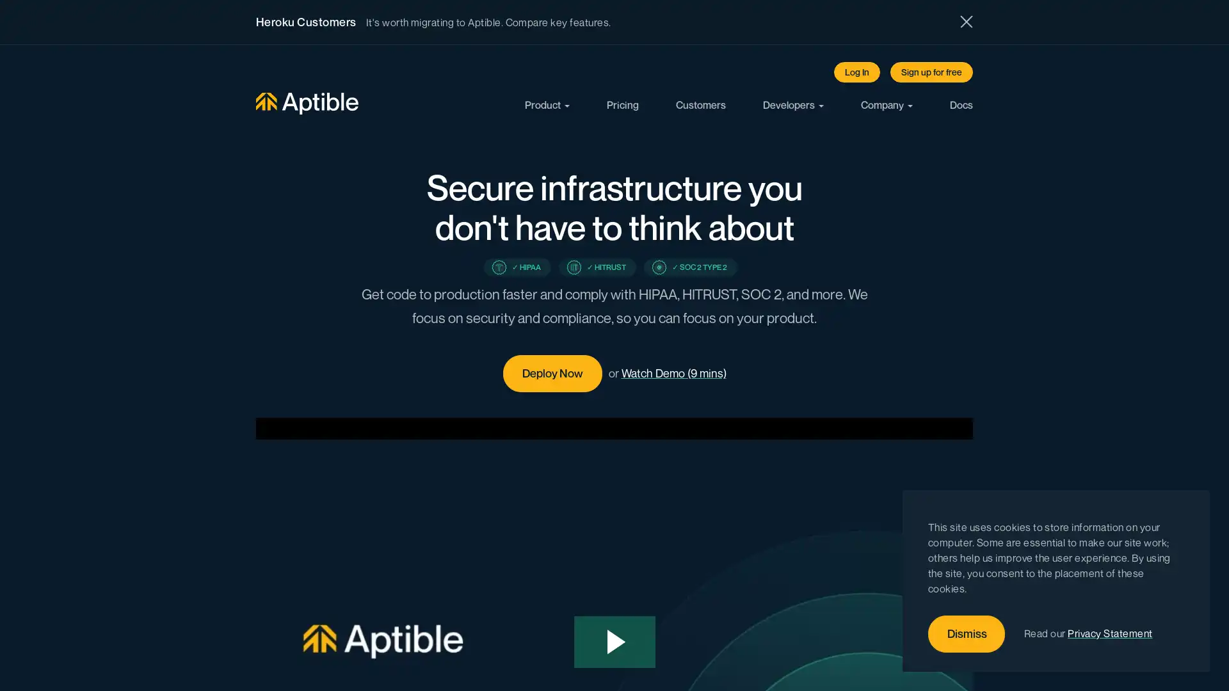  I want to click on Play, so click(614, 642).